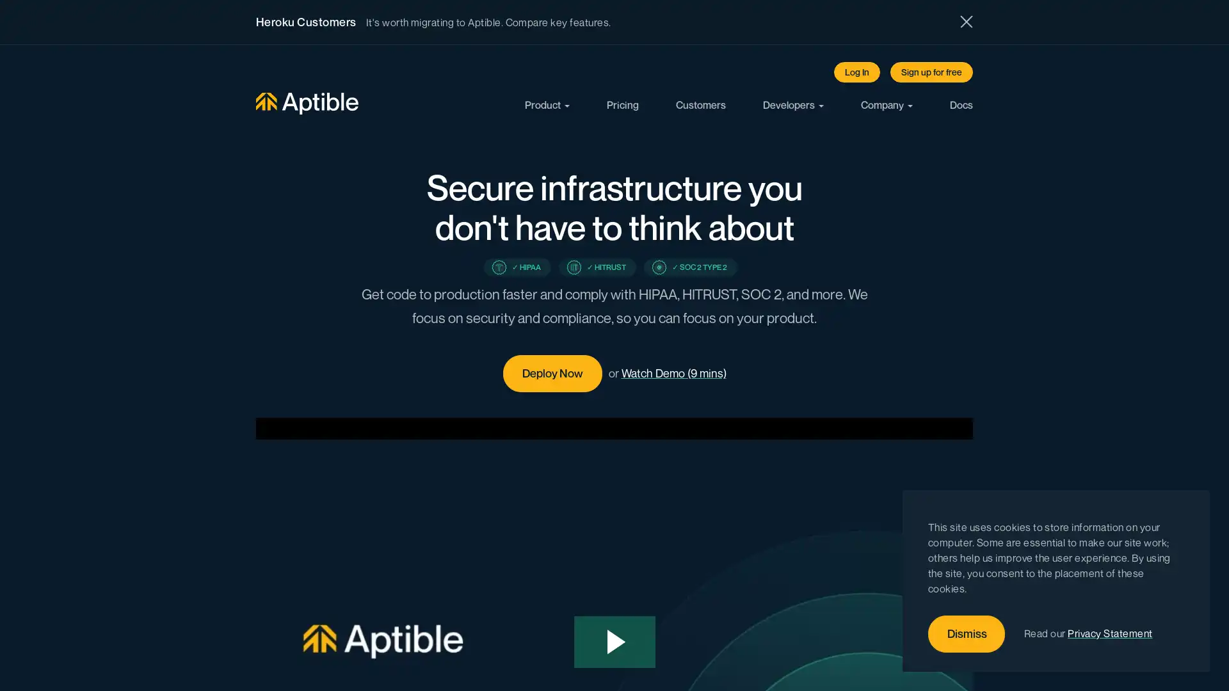  I want to click on Play, so click(614, 642).